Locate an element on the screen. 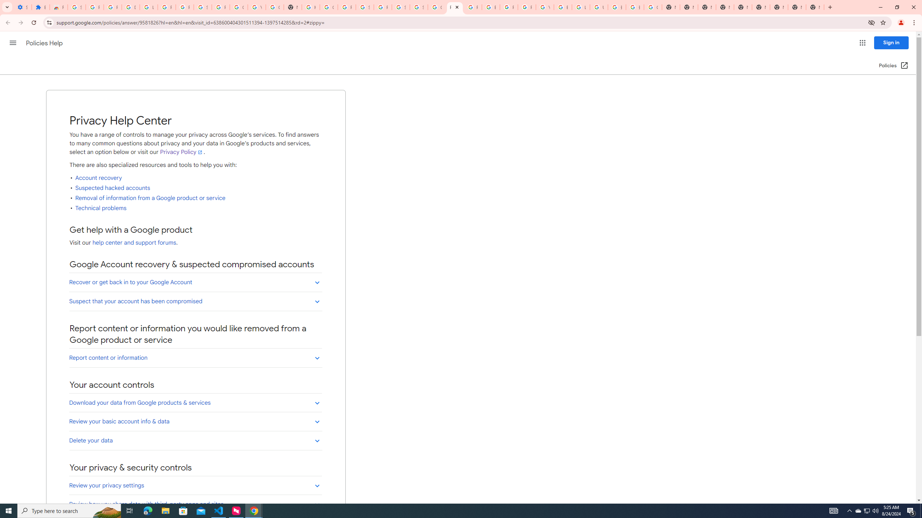 Image resolution: width=922 pixels, height=518 pixels. 'Privacy Help Center - Policies Help' is located at coordinates (455, 7).